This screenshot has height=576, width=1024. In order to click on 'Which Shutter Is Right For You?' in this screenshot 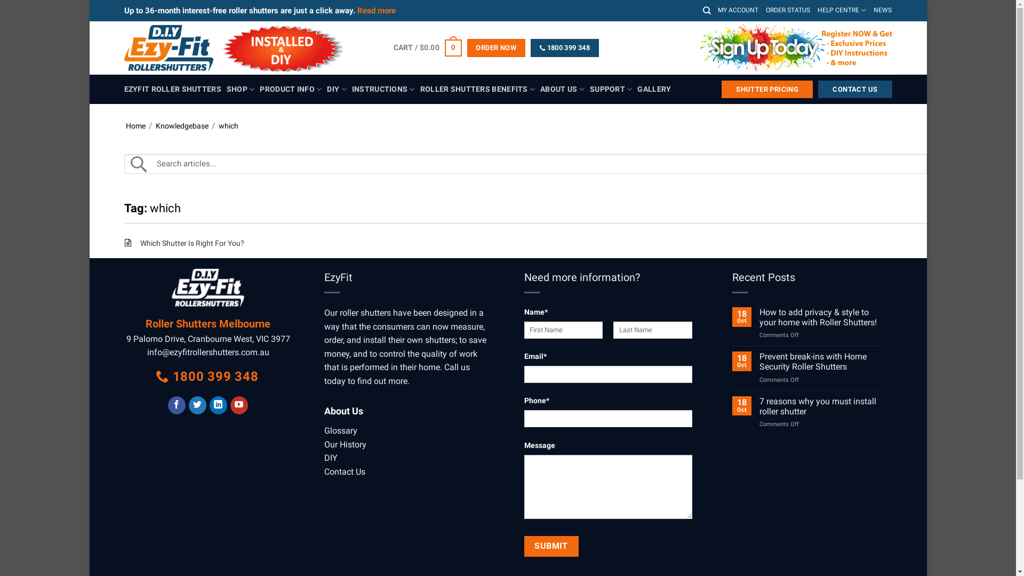, I will do `click(191, 243)`.